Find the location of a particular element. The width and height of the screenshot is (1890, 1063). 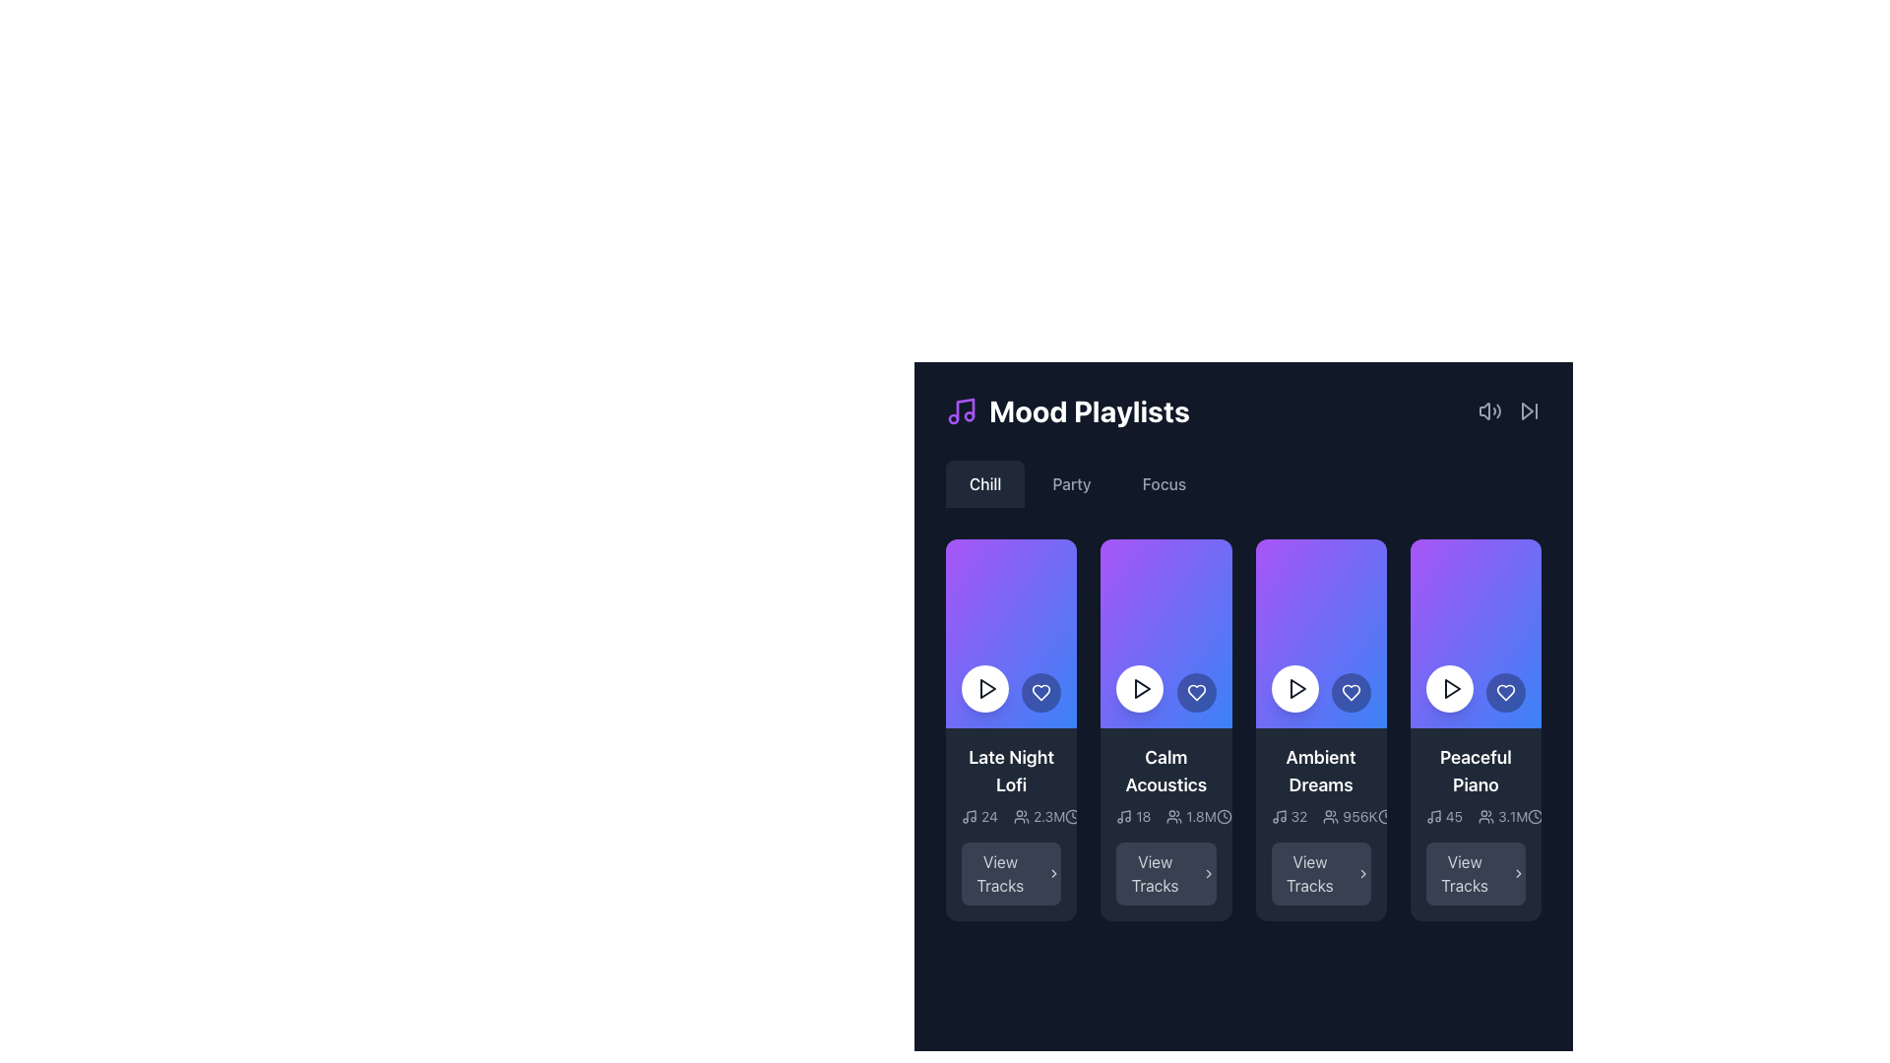

the circular button with a black semi-transparent background and a white outlined heart icon, located in the third card of the grid layout is located at coordinates (1195, 692).